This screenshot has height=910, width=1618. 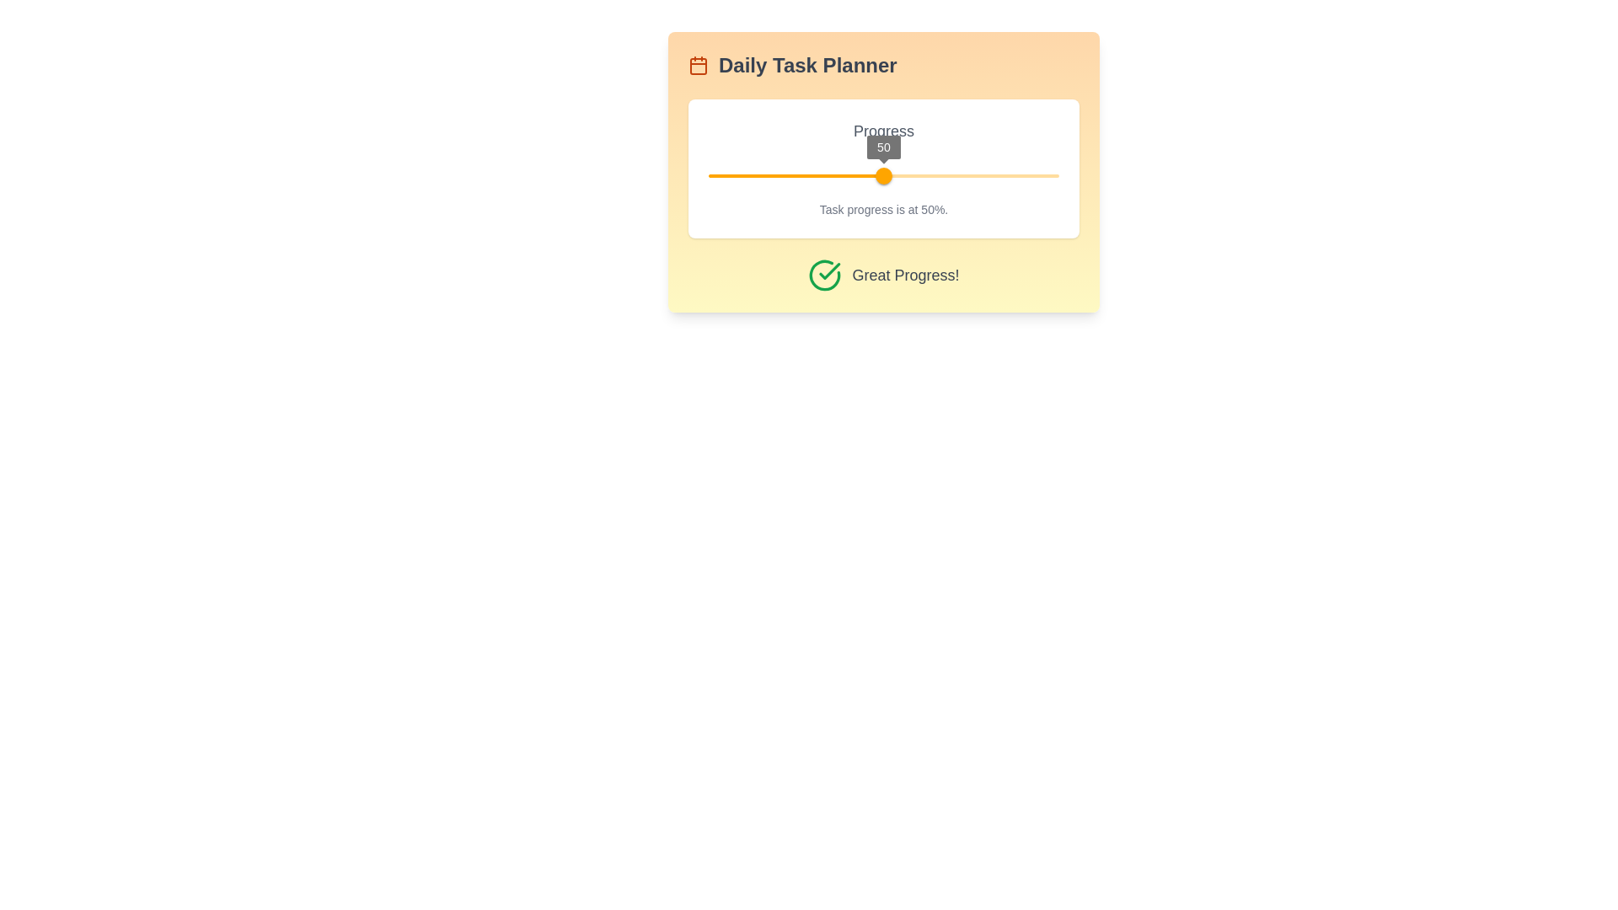 I want to click on the progress value, so click(x=737, y=175).